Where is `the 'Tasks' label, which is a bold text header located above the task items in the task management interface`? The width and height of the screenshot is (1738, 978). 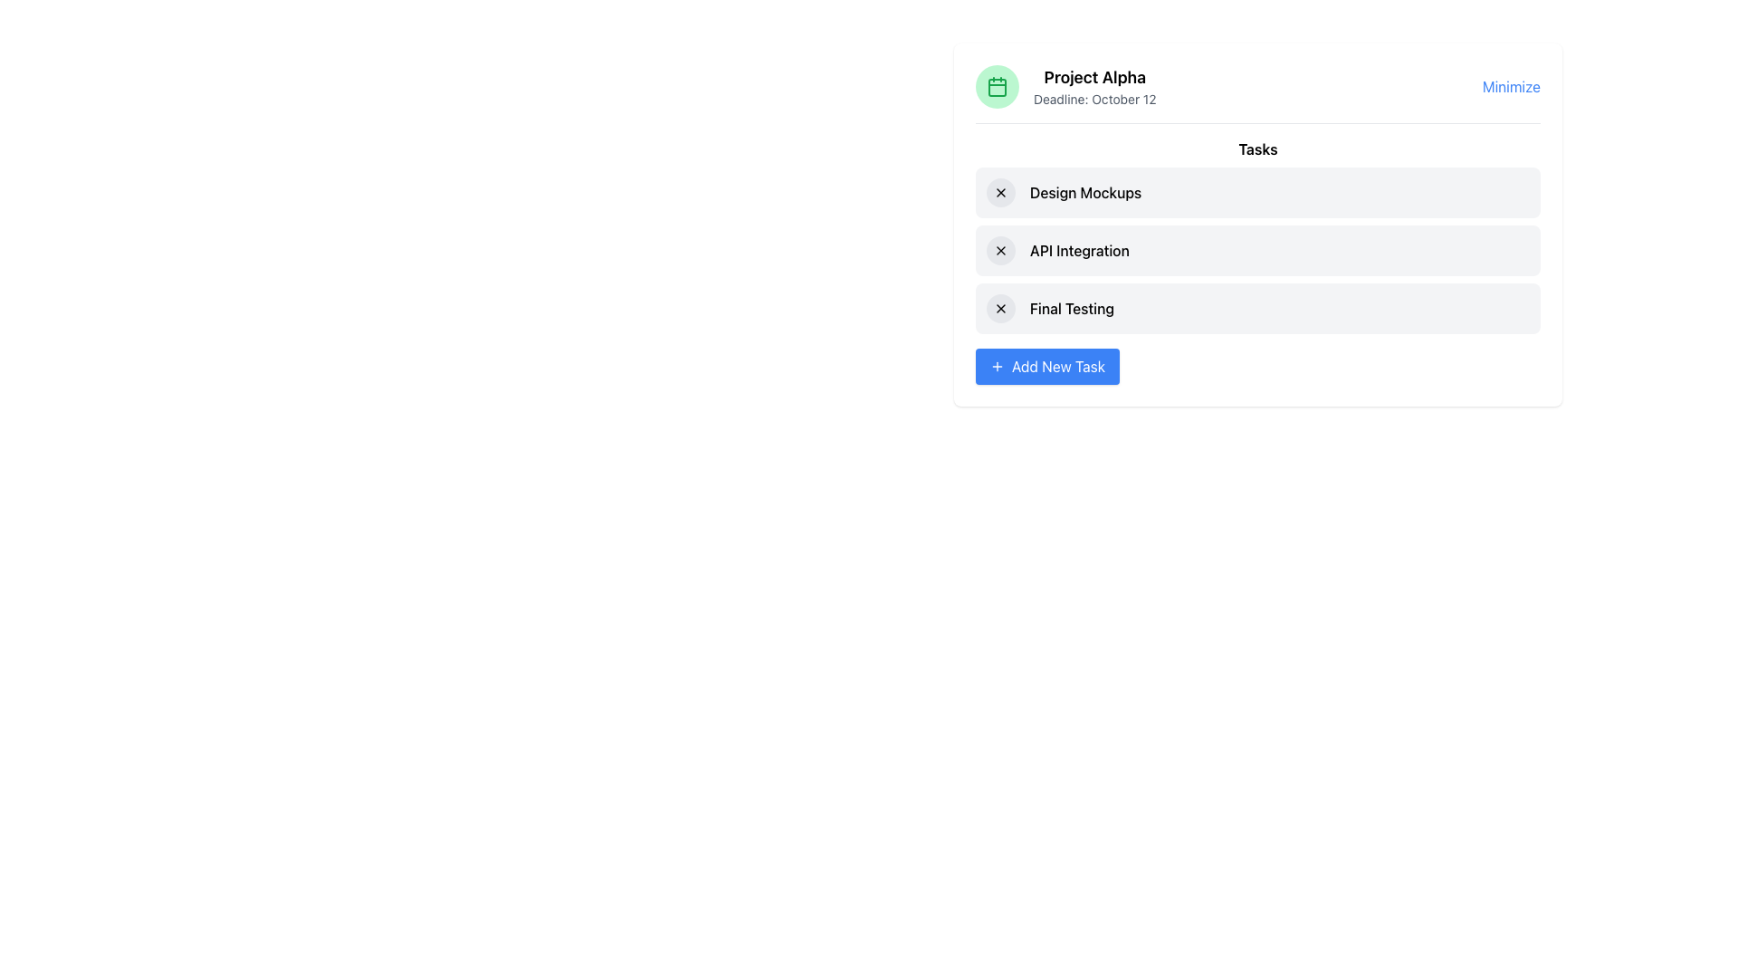 the 'Tasks' label, which is a bold text header located above the task items in the task management interface is located at coordinates (1257, 149).